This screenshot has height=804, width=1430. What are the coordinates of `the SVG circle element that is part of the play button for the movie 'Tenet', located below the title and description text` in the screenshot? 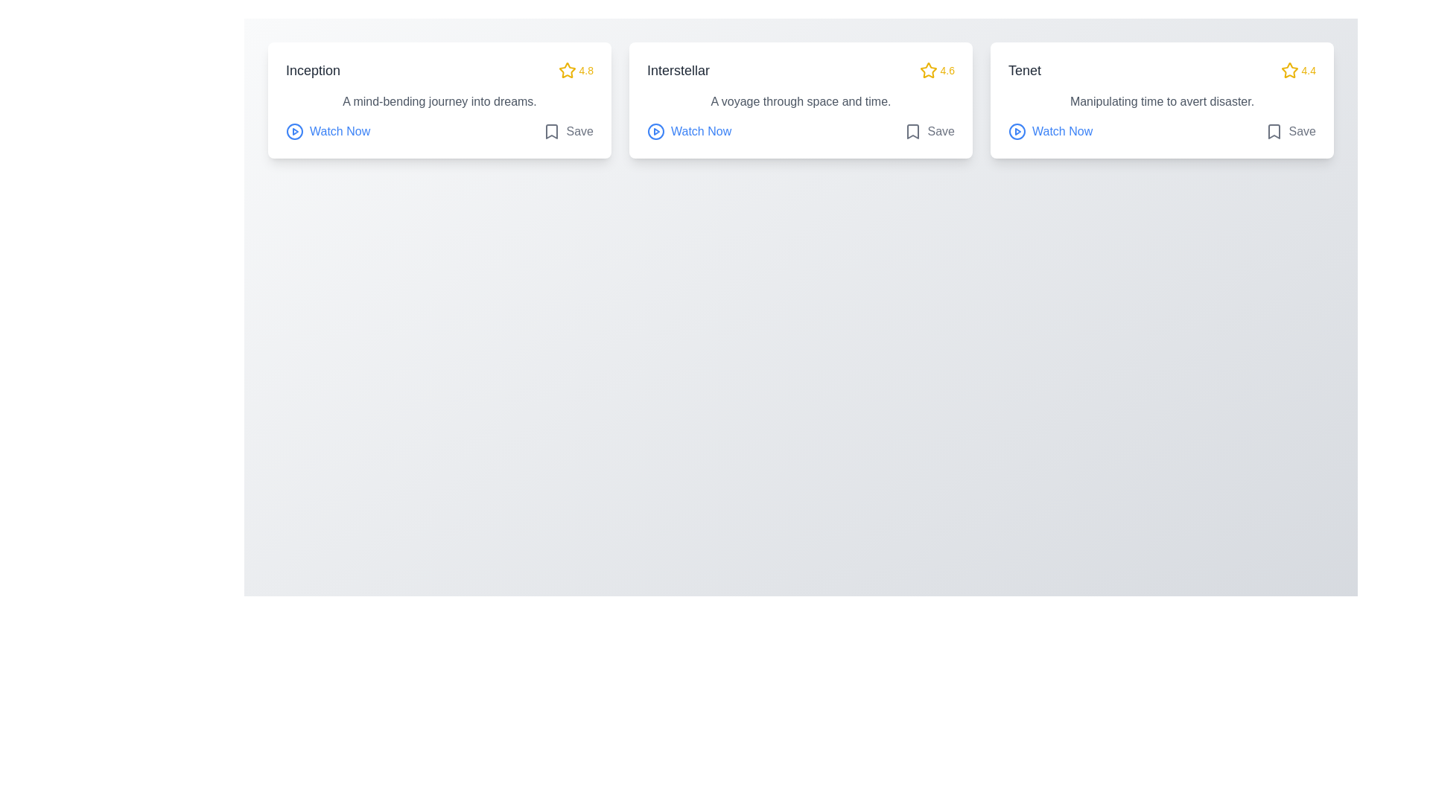 It's located at (1017, 131).